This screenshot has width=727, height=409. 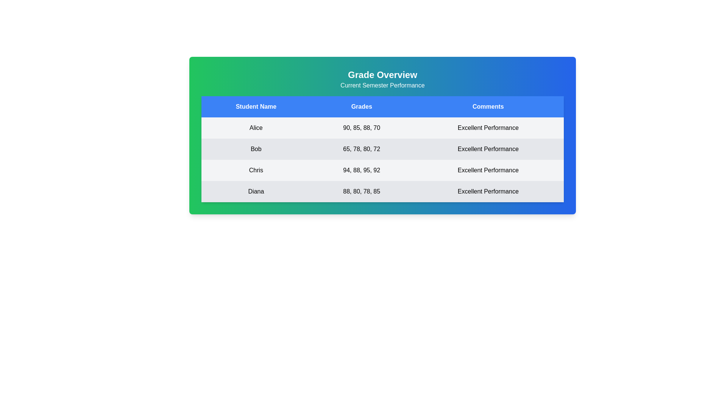 I want to click on the row corresponding to Alice to observe hover effects, so click(x=382, y=128).